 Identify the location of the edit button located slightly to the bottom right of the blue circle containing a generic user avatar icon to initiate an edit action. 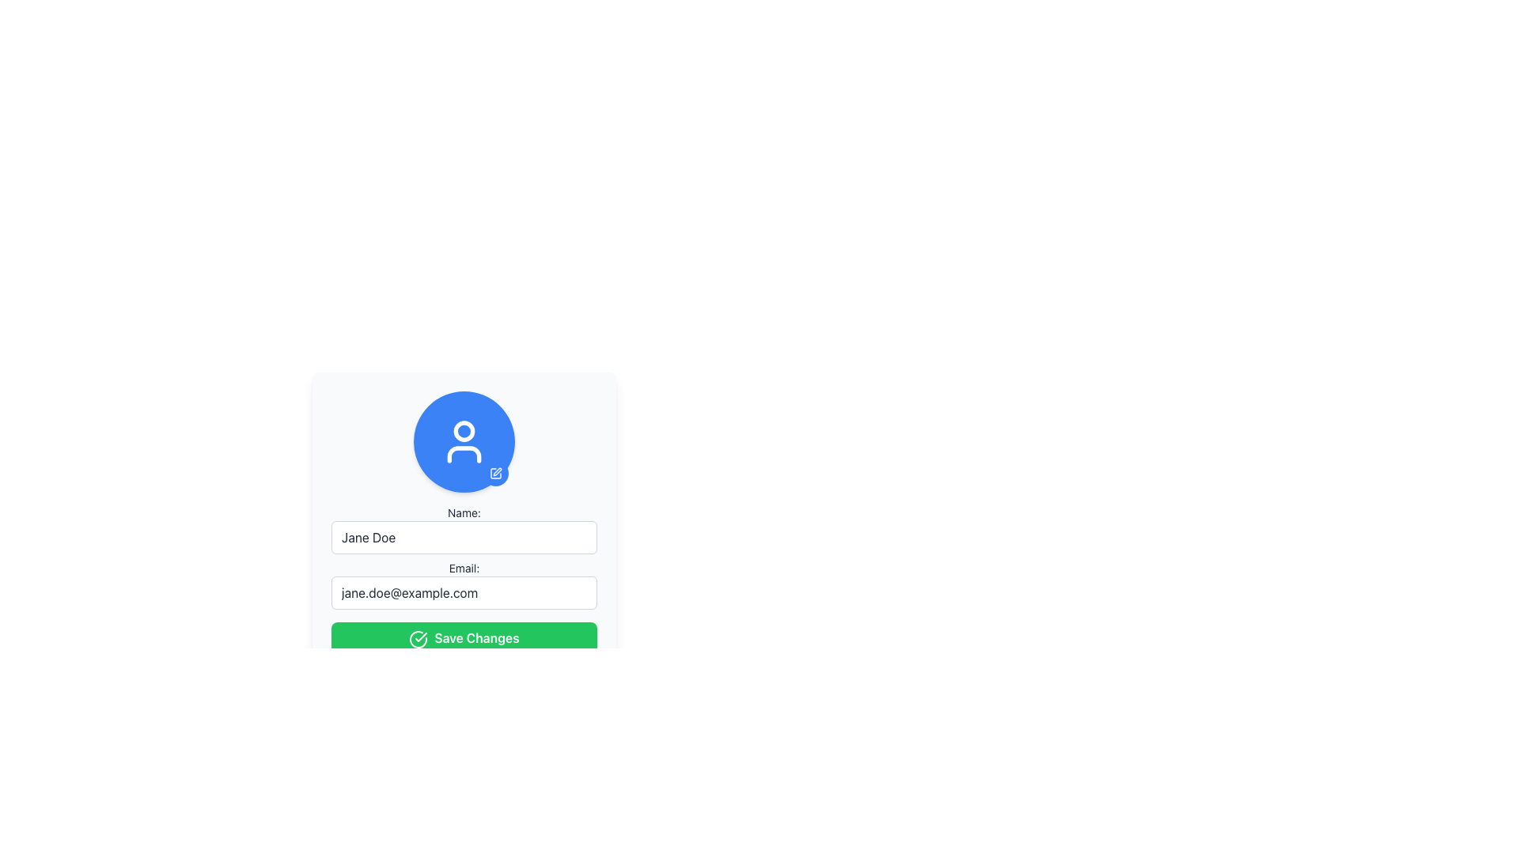
(495, 472).